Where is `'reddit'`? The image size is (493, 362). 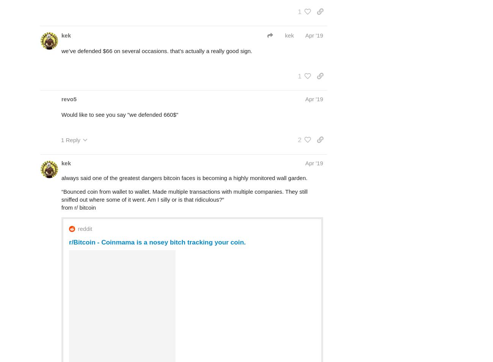 'reddit' is located at coordinates (84, 229).